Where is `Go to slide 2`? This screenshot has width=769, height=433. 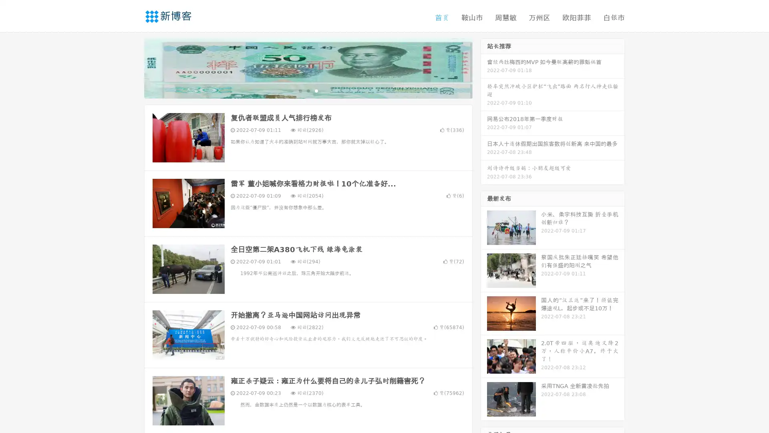
Go to slide 2 is located at coordinates (308, 90).